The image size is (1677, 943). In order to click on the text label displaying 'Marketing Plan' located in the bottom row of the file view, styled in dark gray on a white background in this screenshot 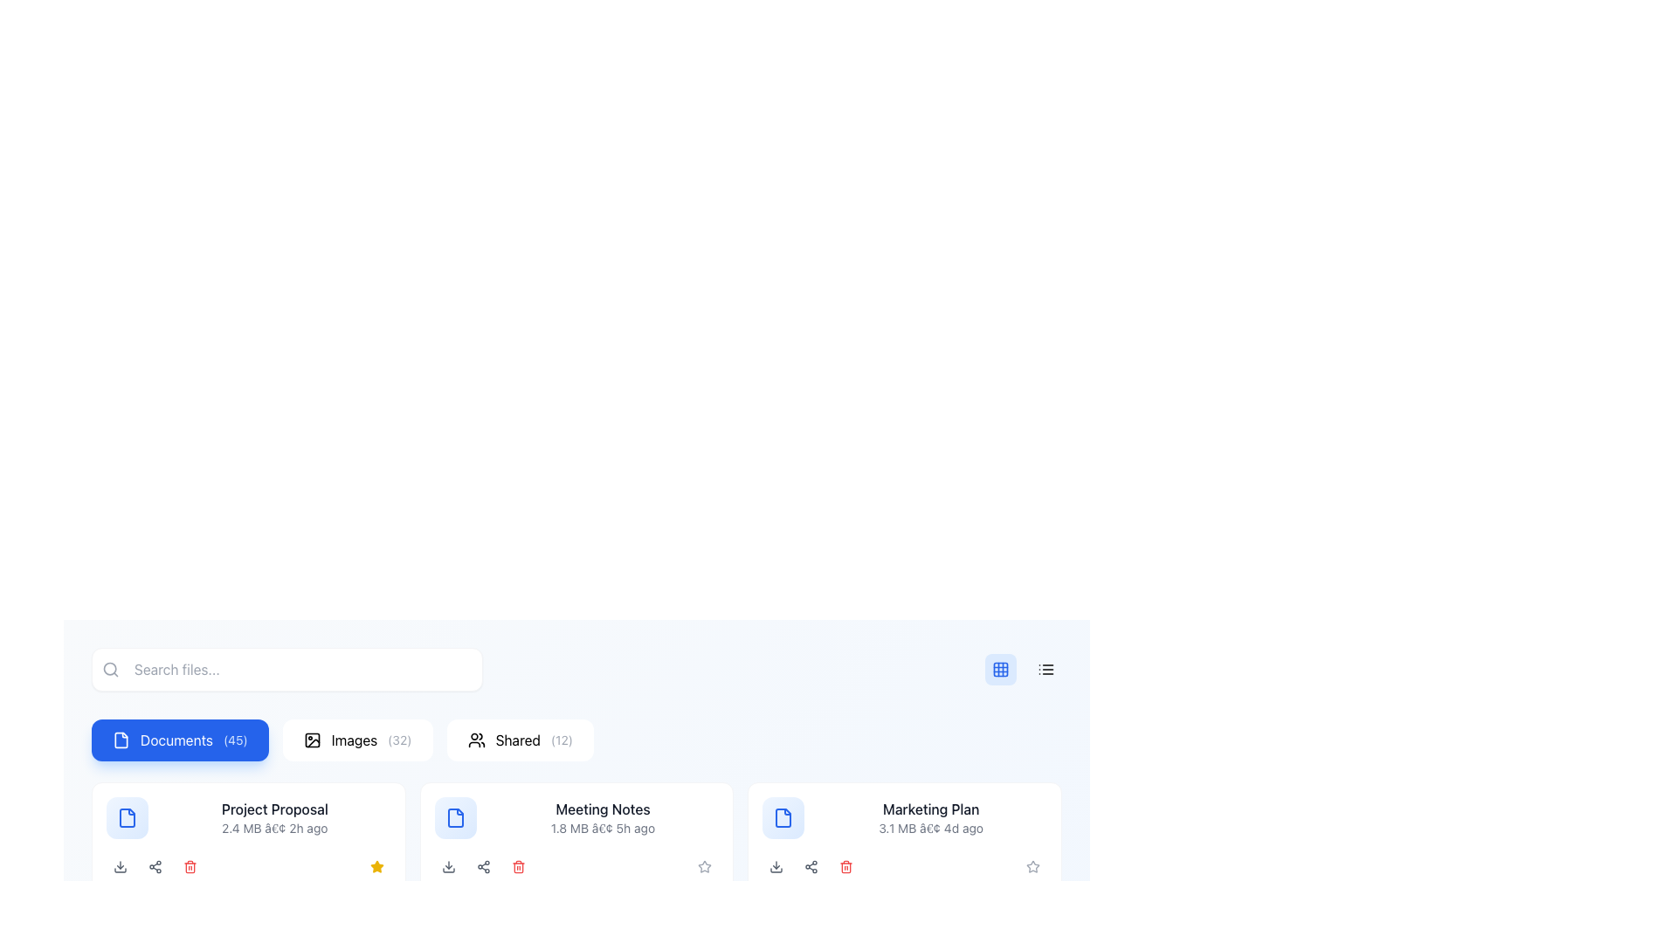, I will do `click(930, 809)`.